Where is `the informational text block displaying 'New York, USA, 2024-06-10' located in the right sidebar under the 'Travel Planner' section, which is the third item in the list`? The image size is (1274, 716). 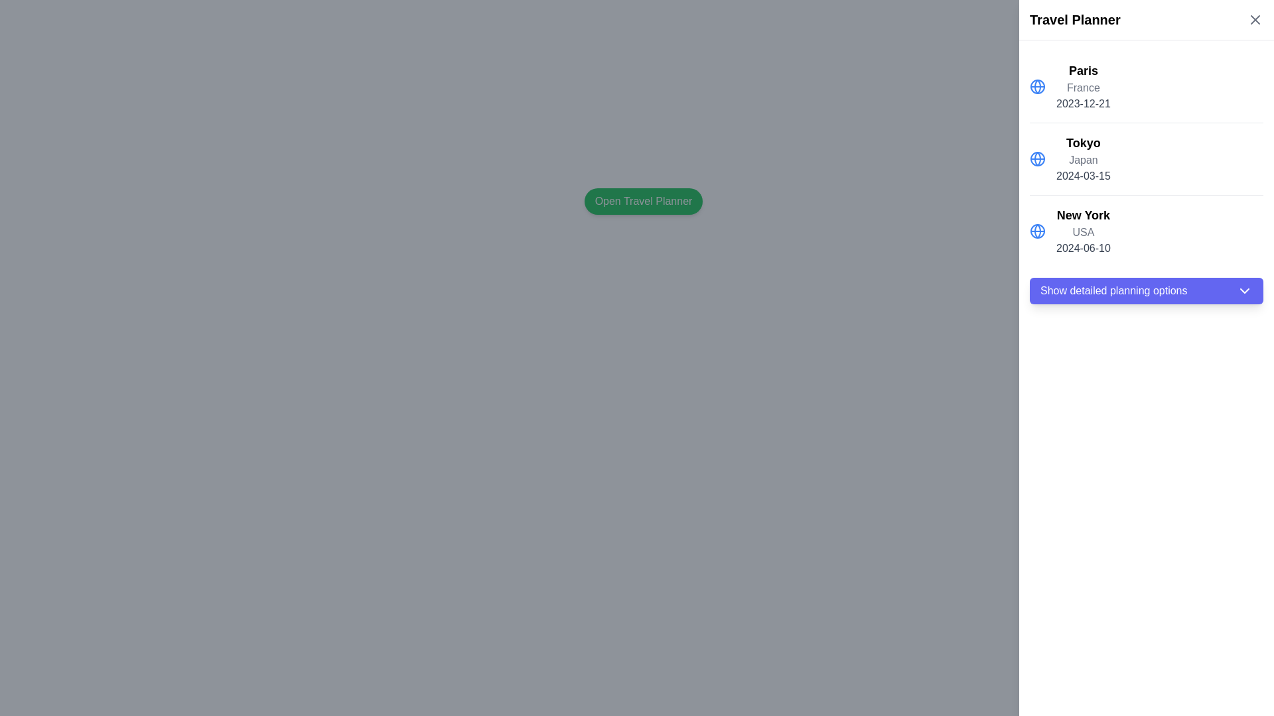 the informational text block displaying 'New York, USA, 2024-06-10' located in the right sidebar under the 'Travel Planner' section, which is the third item in the list is located at coordinates (1083, 230).